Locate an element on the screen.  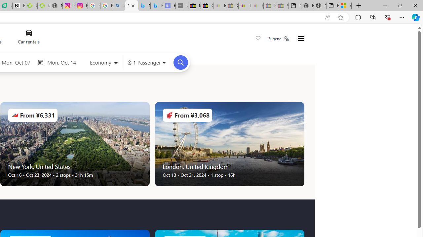
'Threats and offensive language policy | eBay' is located at coordinates (244, 6).